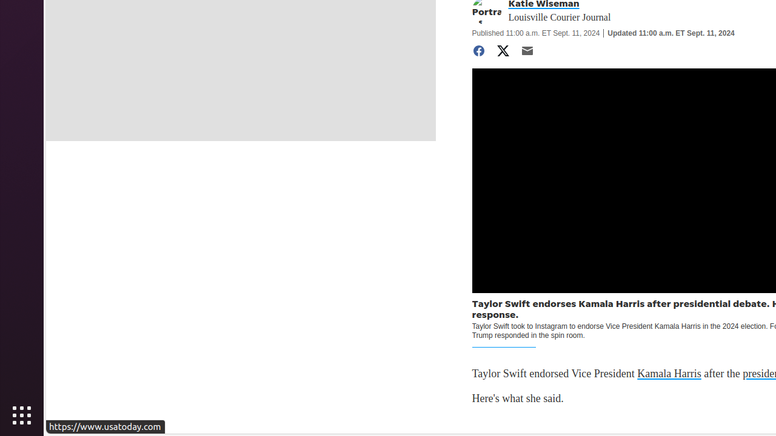 Image resolution: width=776 pixels, height=436 pixels. I want to click on 'Kamala Harris', so click(669, 373).